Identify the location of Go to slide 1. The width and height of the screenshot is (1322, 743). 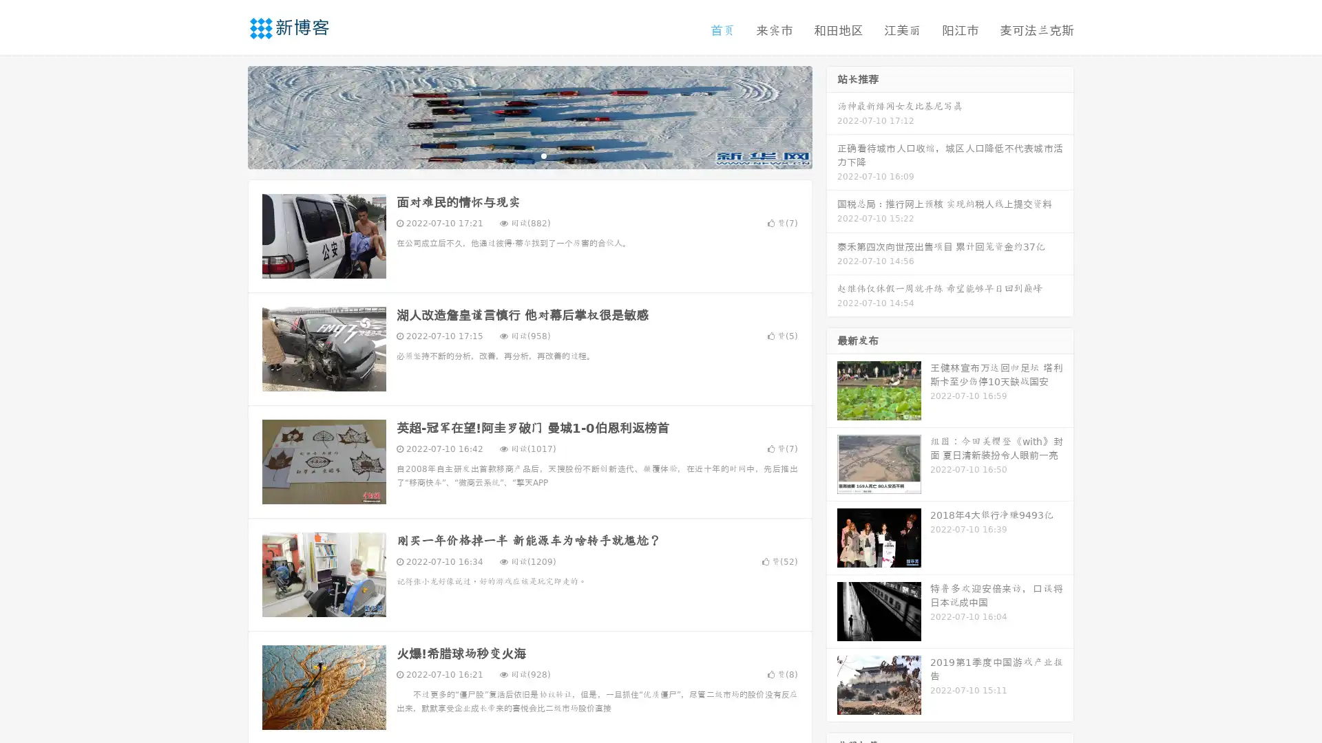
(515, 155).